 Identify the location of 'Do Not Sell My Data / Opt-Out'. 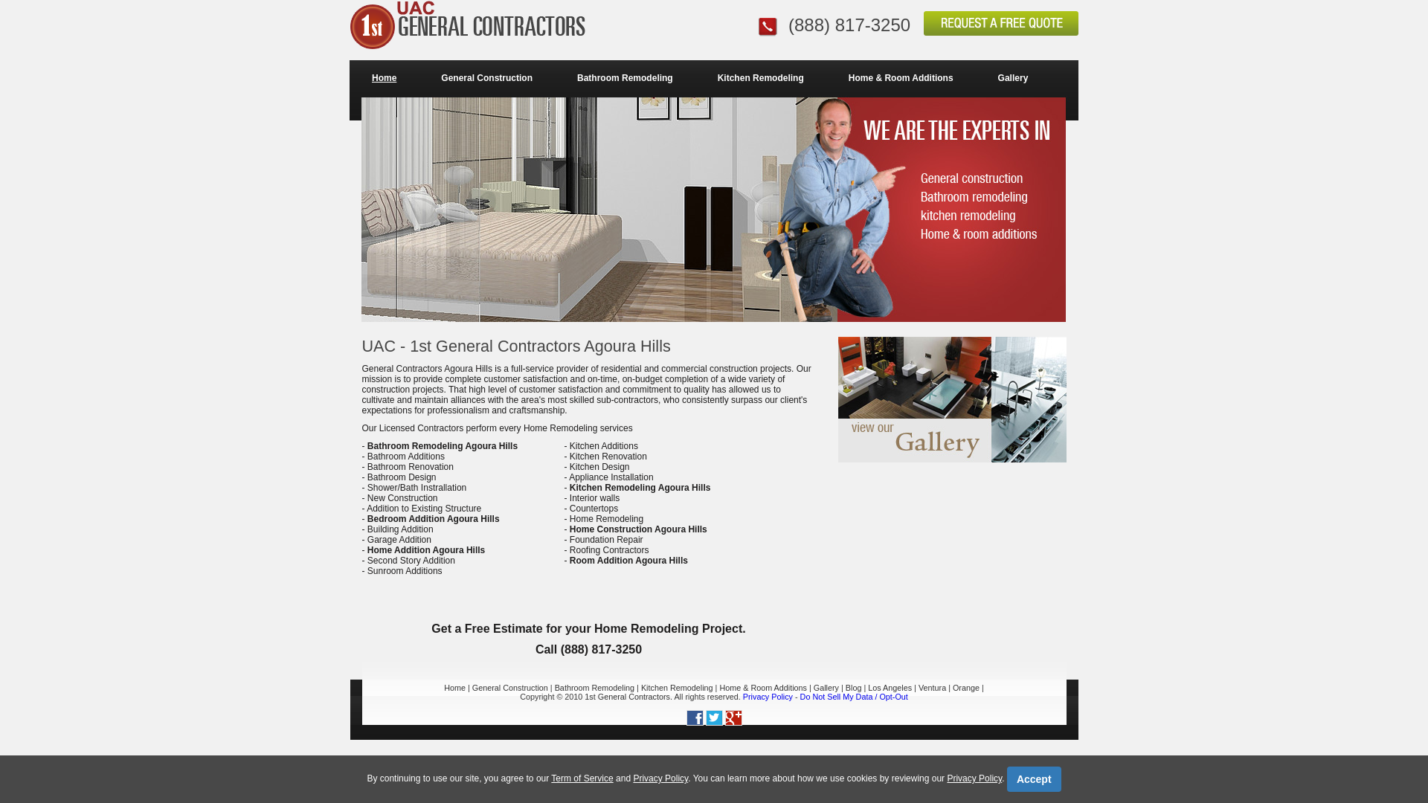
(854, 697).